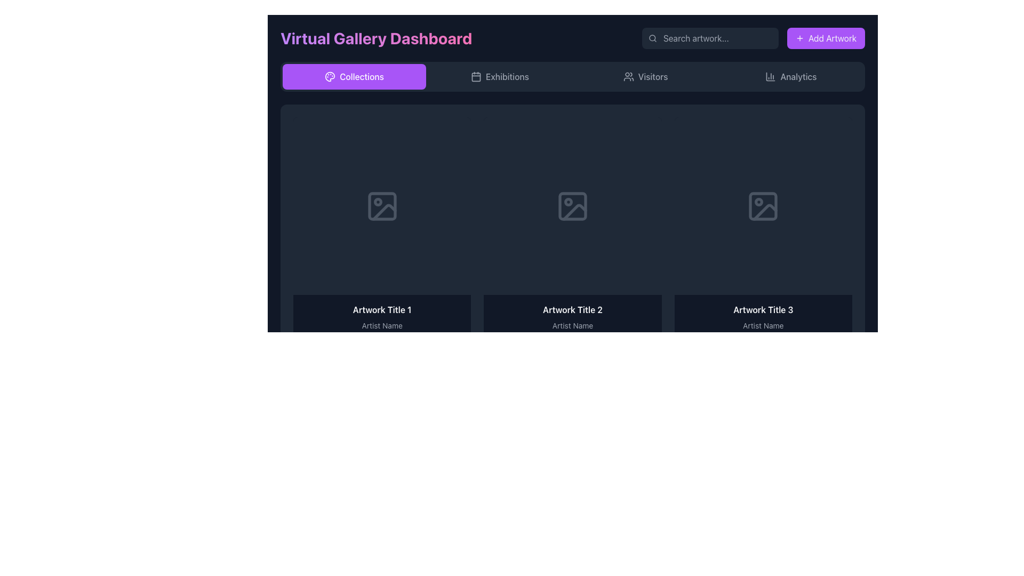  Describe the element at coordinates (771, 76) in the screenshot. I see `the column chart icon located within the Analytics button in the top-right corner of the interface` at that location.